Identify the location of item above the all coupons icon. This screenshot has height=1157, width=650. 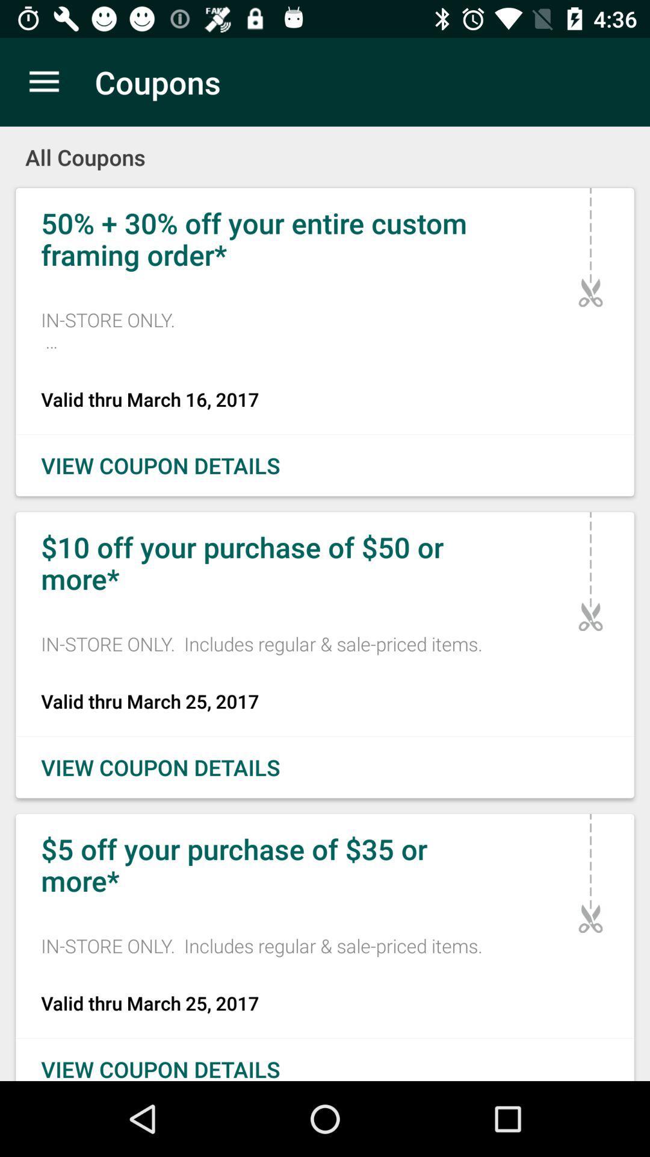
(43, 81).